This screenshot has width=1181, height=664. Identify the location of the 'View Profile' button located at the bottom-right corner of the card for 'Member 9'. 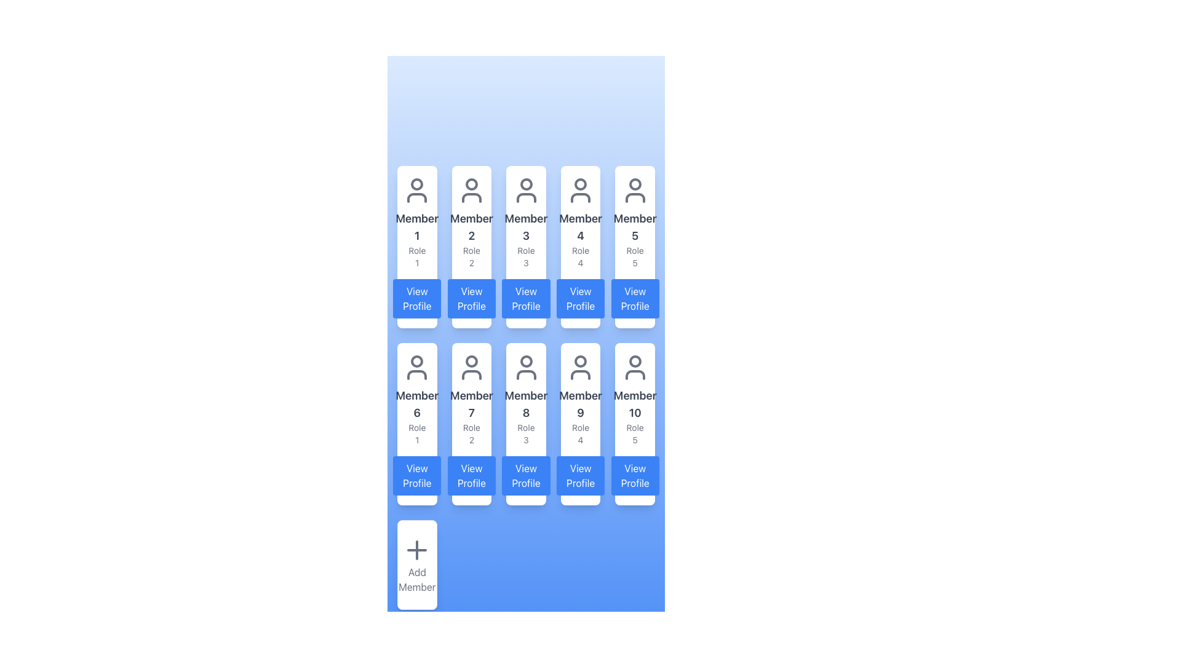
(580, 475).